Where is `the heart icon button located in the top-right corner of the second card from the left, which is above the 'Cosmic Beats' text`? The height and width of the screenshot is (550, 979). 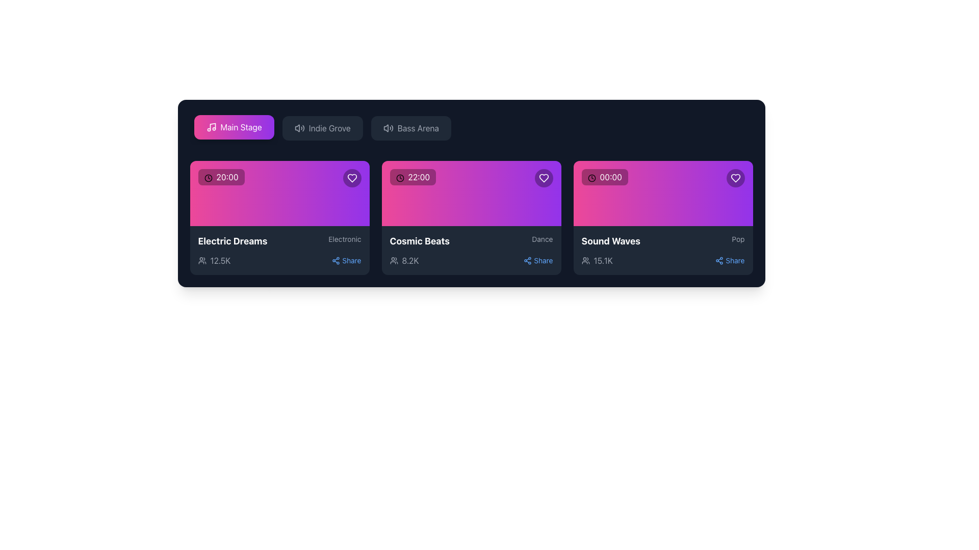
the heart icon button located in the top-right corner of the second card from the left, which is above the 'Cosmic Beats' text is located at coordinates (543, 178).